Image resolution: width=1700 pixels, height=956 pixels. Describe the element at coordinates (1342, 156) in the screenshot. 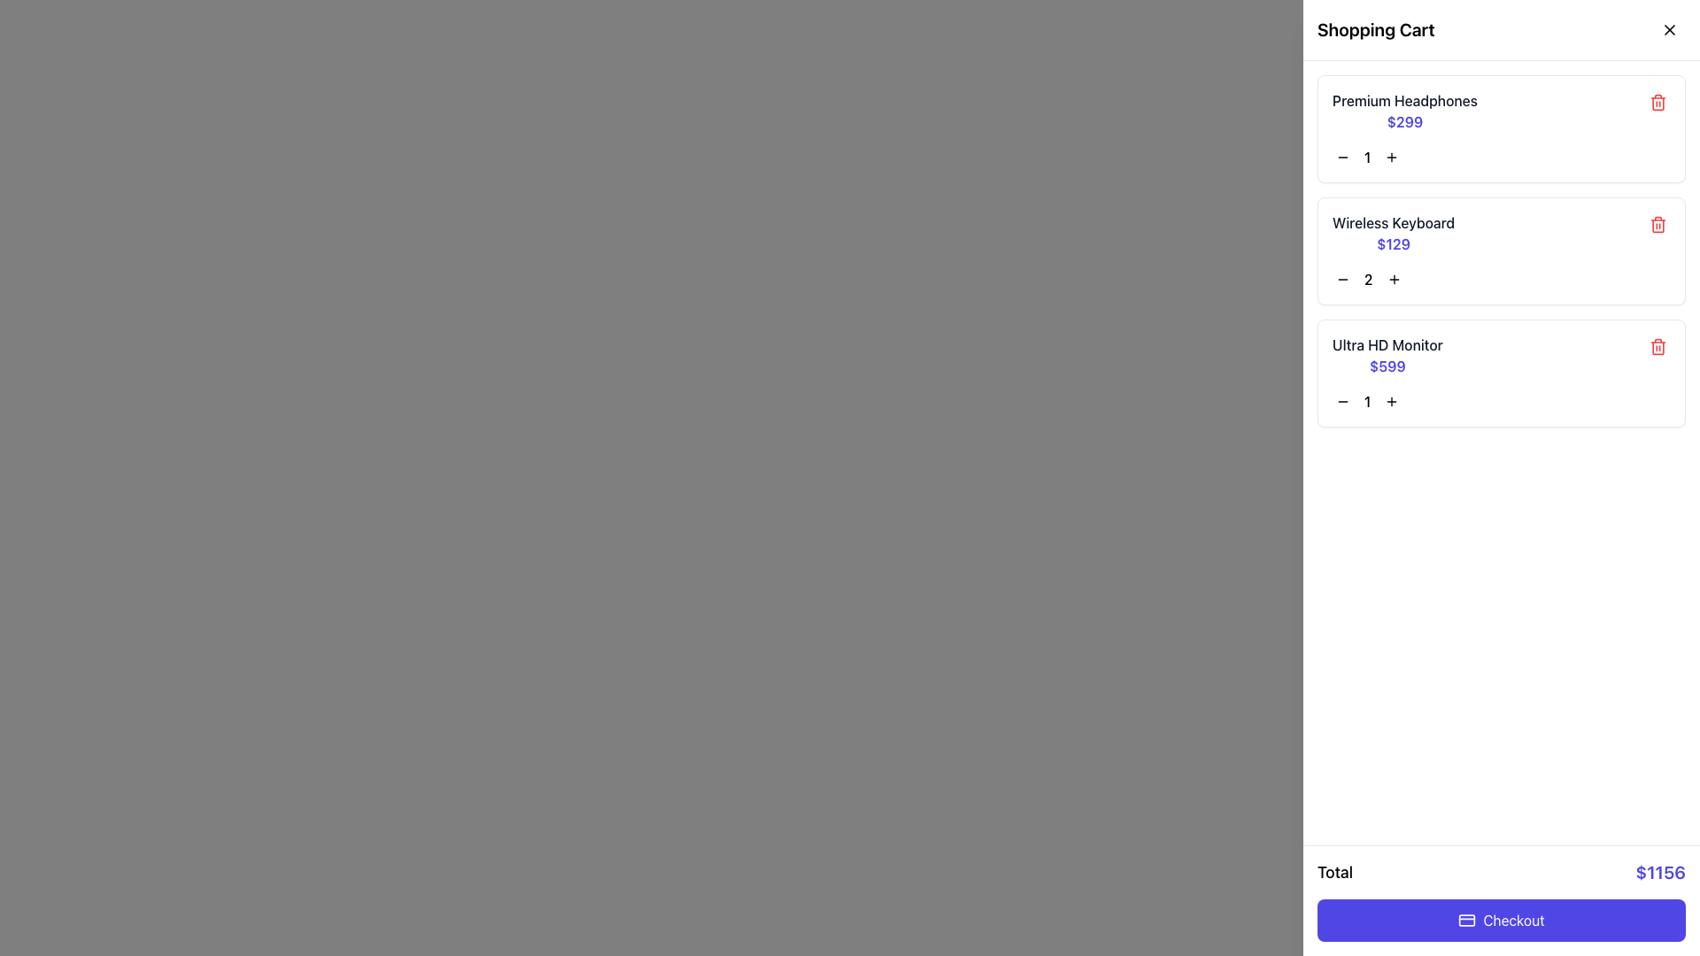

I see `the minus-symbol icon within the decrement button of the first cart item row to decrement the item's quantity` at that location.